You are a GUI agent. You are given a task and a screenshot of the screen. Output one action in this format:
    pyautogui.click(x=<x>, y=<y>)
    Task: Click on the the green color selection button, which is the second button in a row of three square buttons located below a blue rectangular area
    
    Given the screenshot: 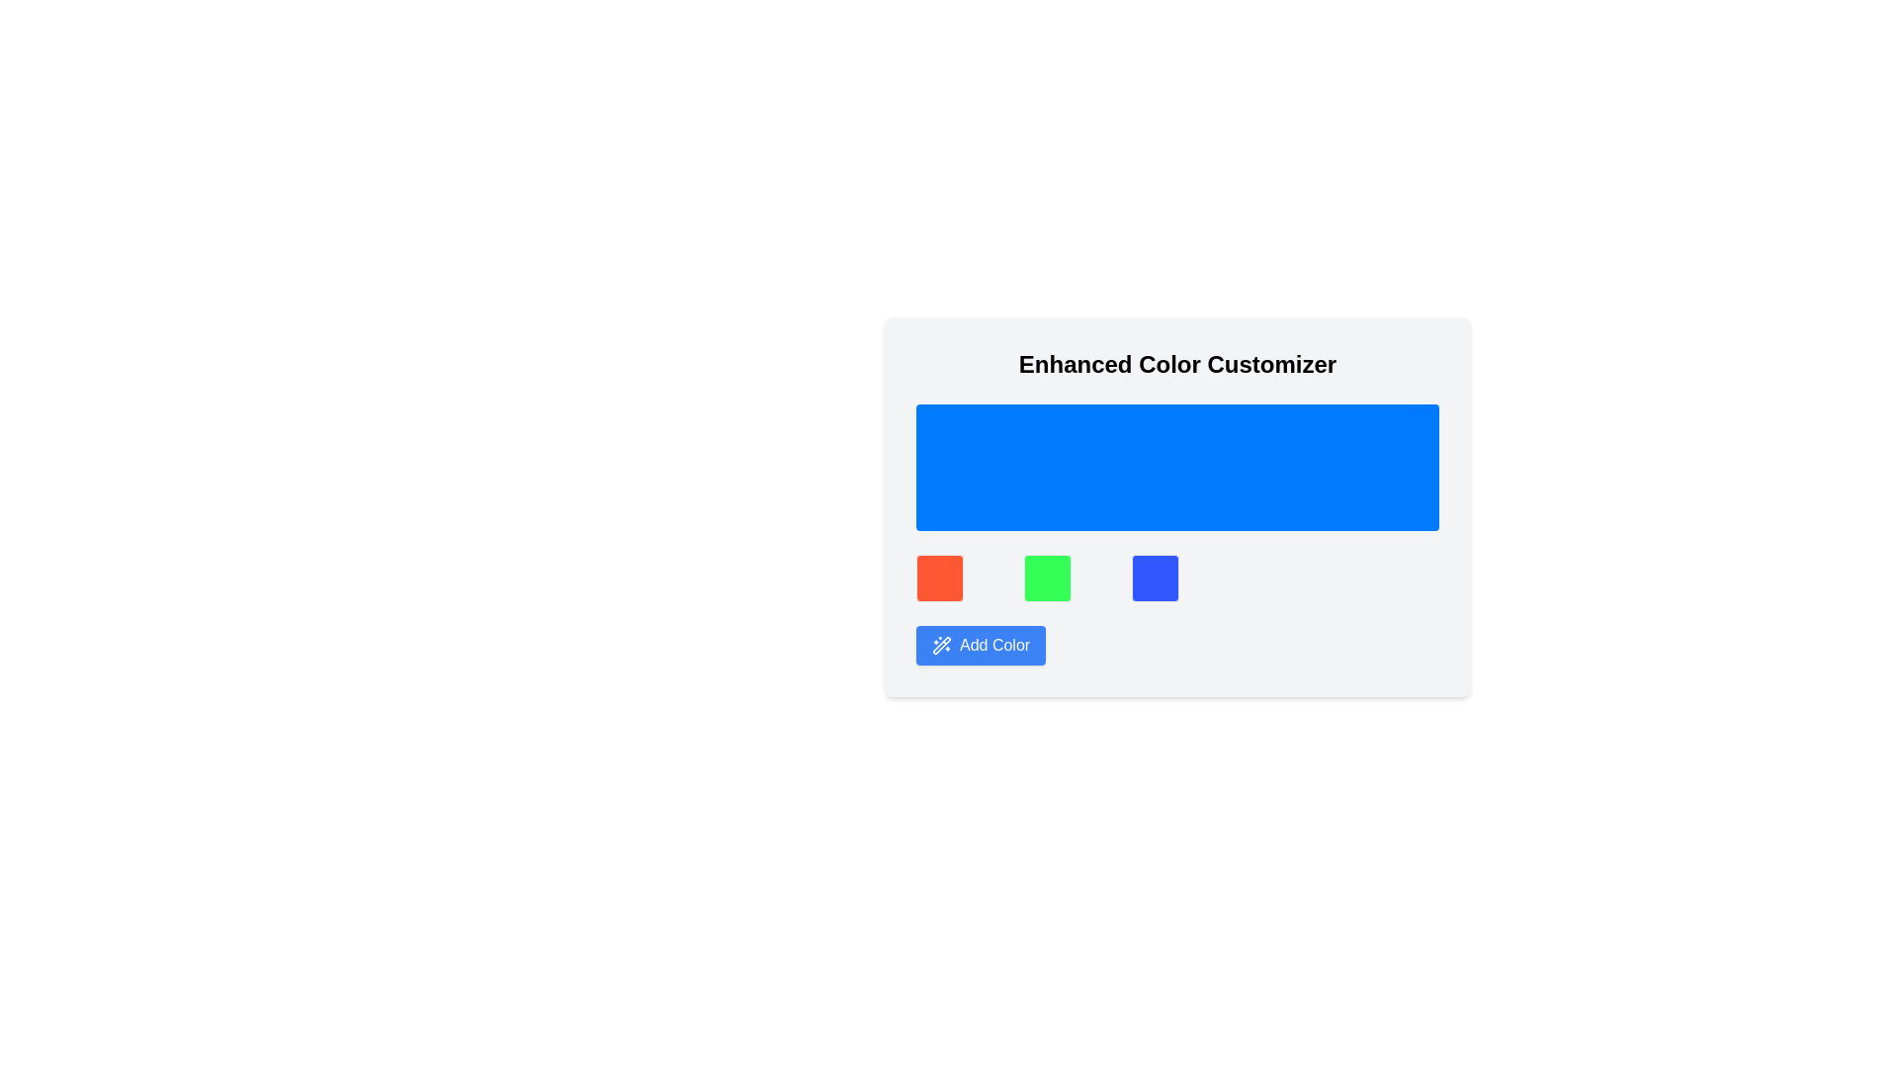 What is the action you would take?
    pyautogui.click(x=1047, y=578)
    